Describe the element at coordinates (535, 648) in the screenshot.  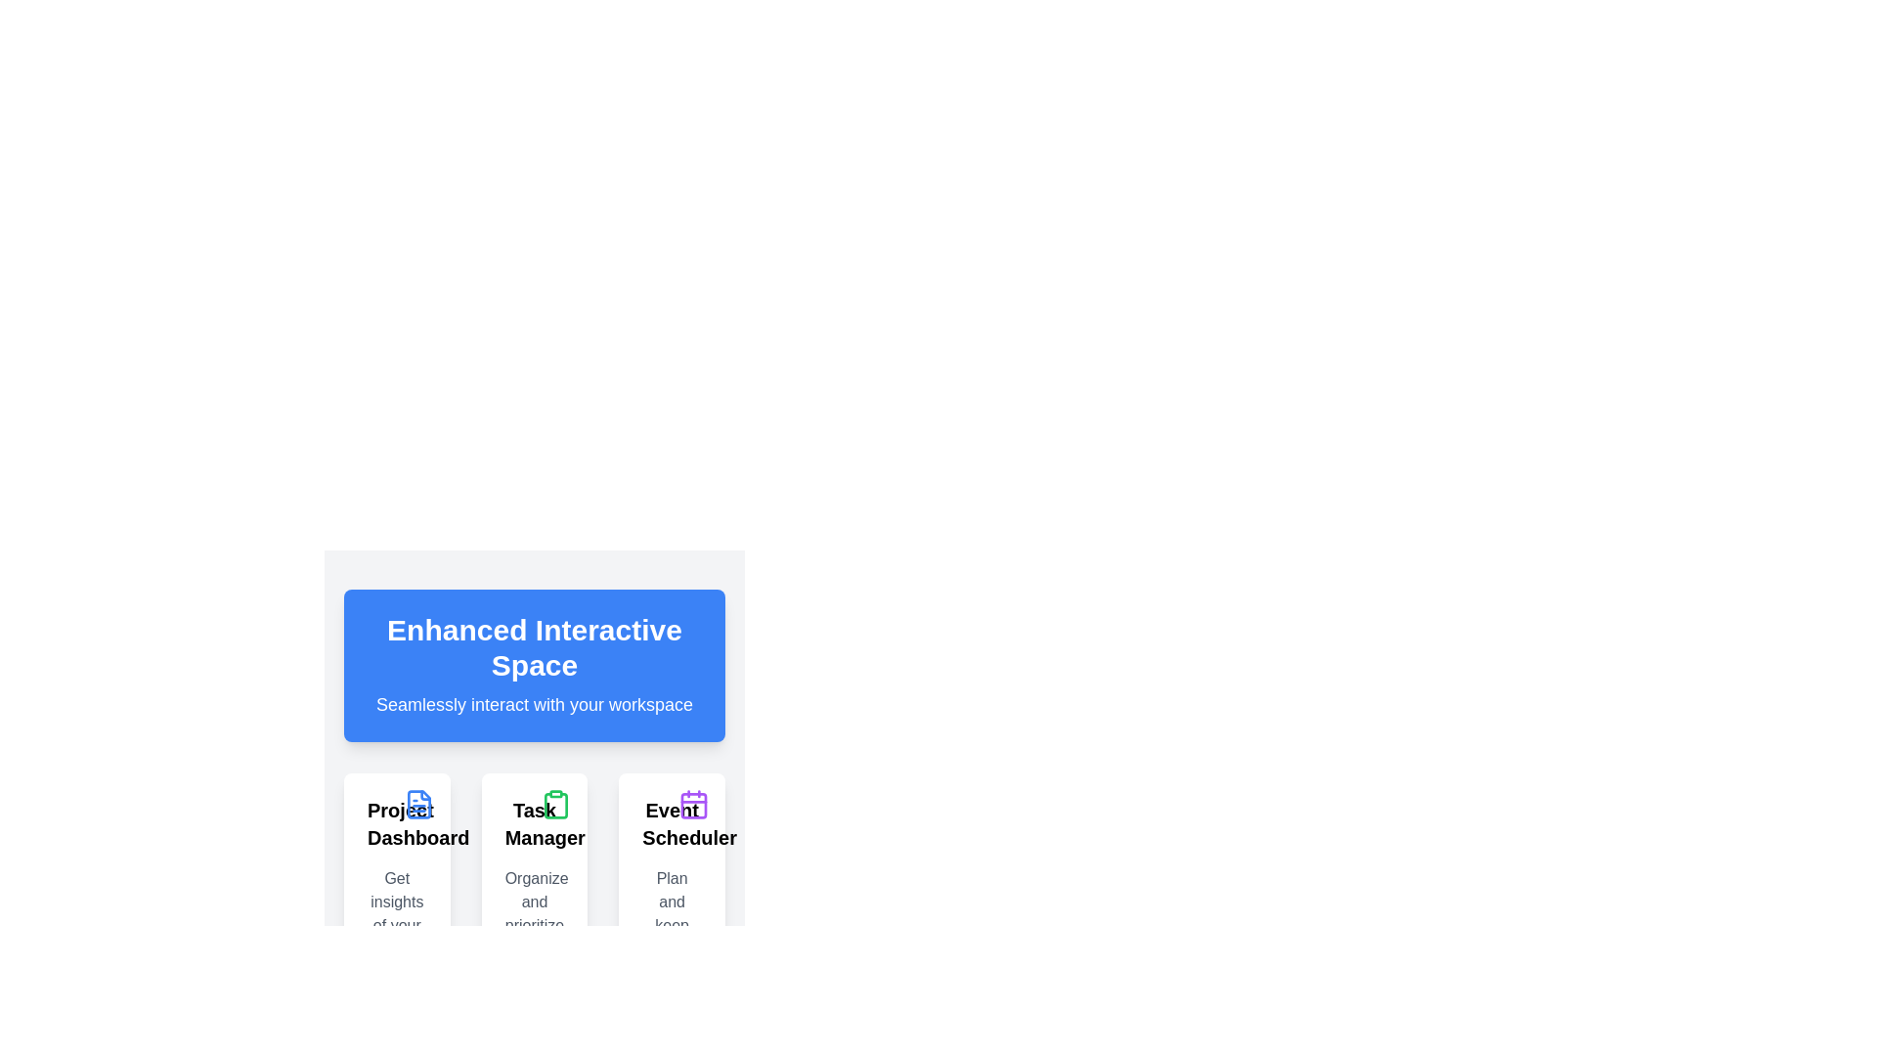
I see `the text-based heading element that displays 'Enhanced Interactive Space', which is centered on a blue background and positioned above the text 'Seamlessly interact with your workspace'` at that location.